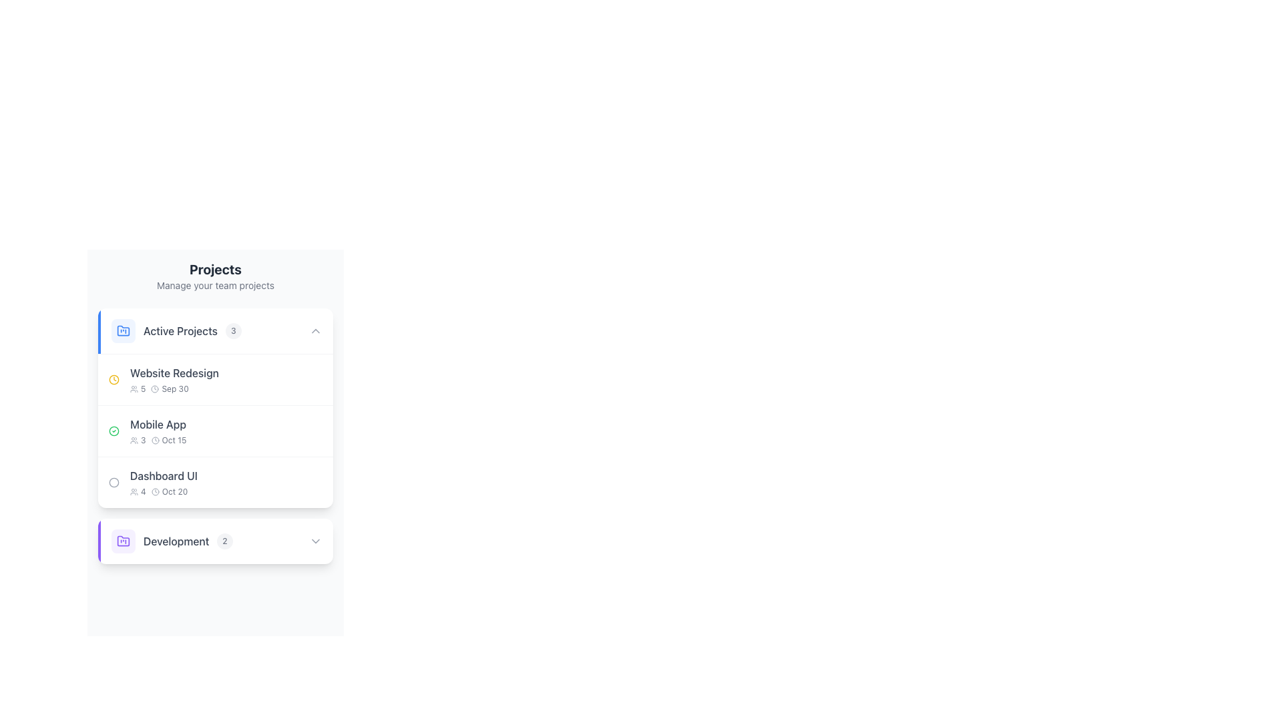  Describe the element at coordinates (312, 482) in the screenshot. I see `the small circular graphical component indicating a status or alert, located near the bottom-right corner of the 'Dashboard UI' in the 'Active Projects' list` at that location.